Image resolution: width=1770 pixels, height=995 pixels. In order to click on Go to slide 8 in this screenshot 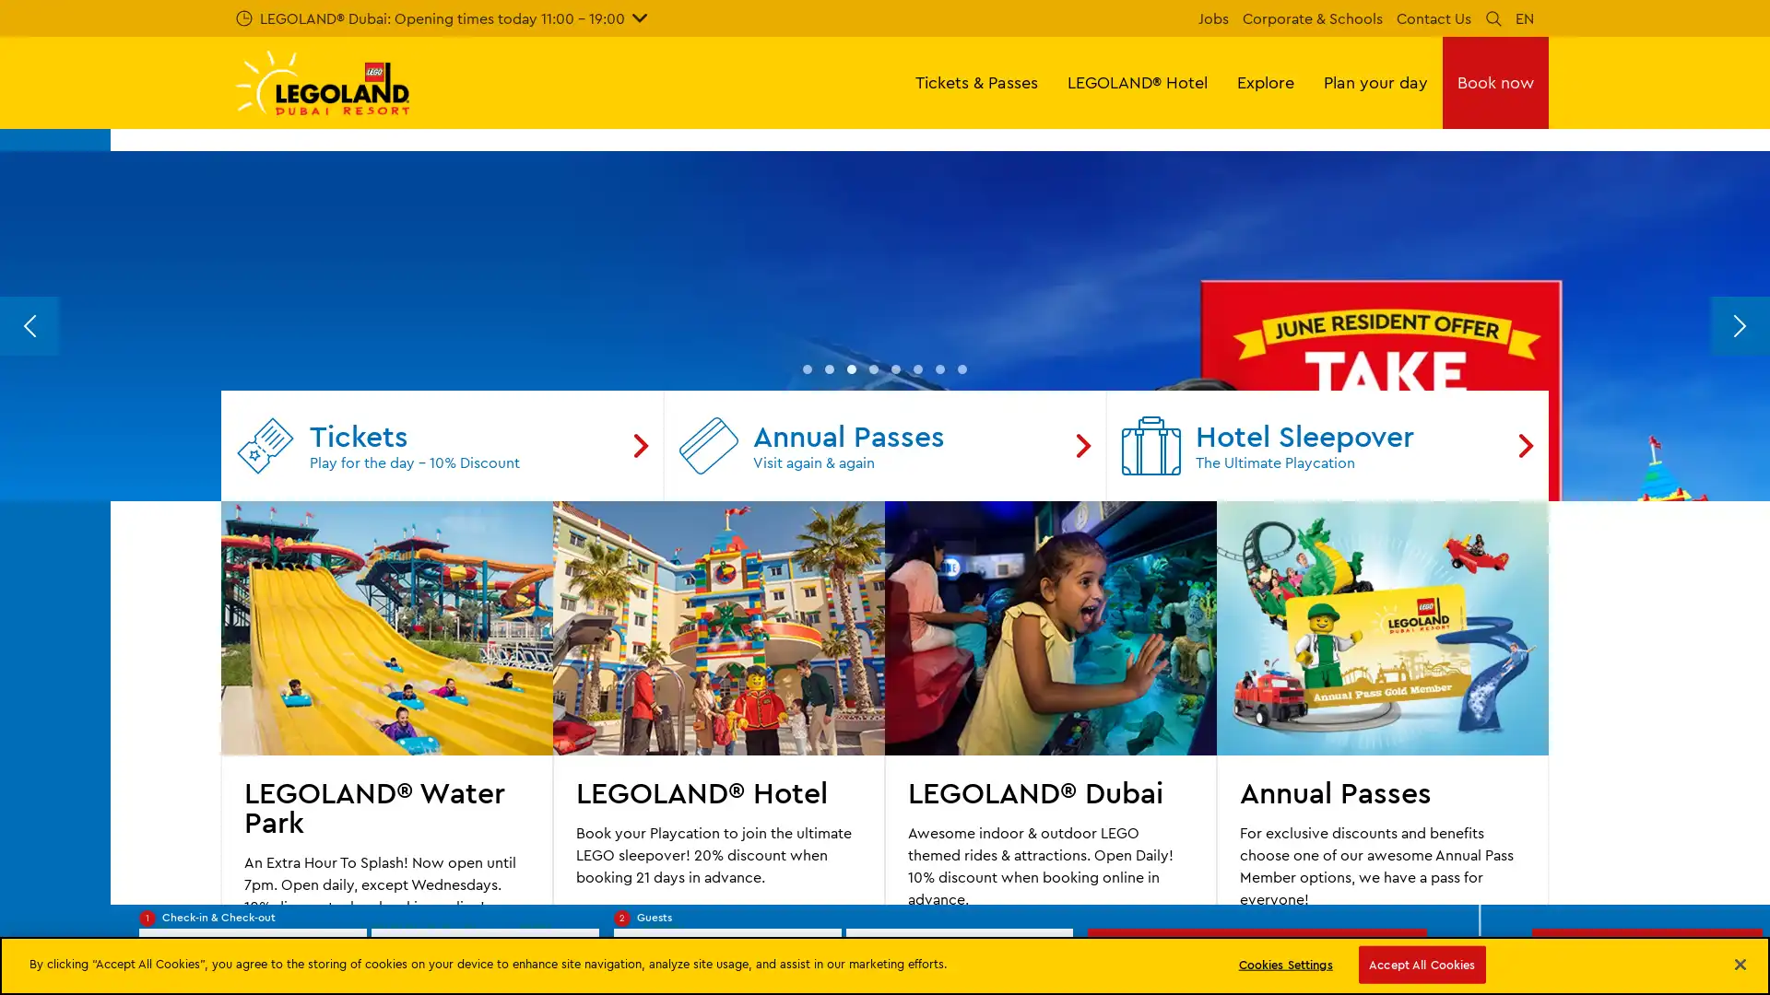, I will do `click(961, 734)`.